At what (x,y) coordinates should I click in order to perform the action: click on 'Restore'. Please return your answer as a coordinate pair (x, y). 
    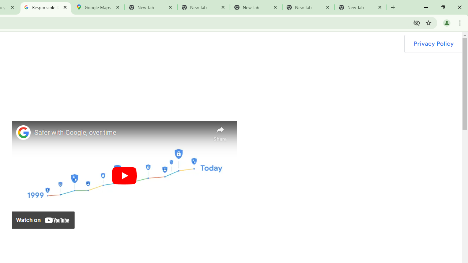
    Looking at the image, I should click on (442, 7).